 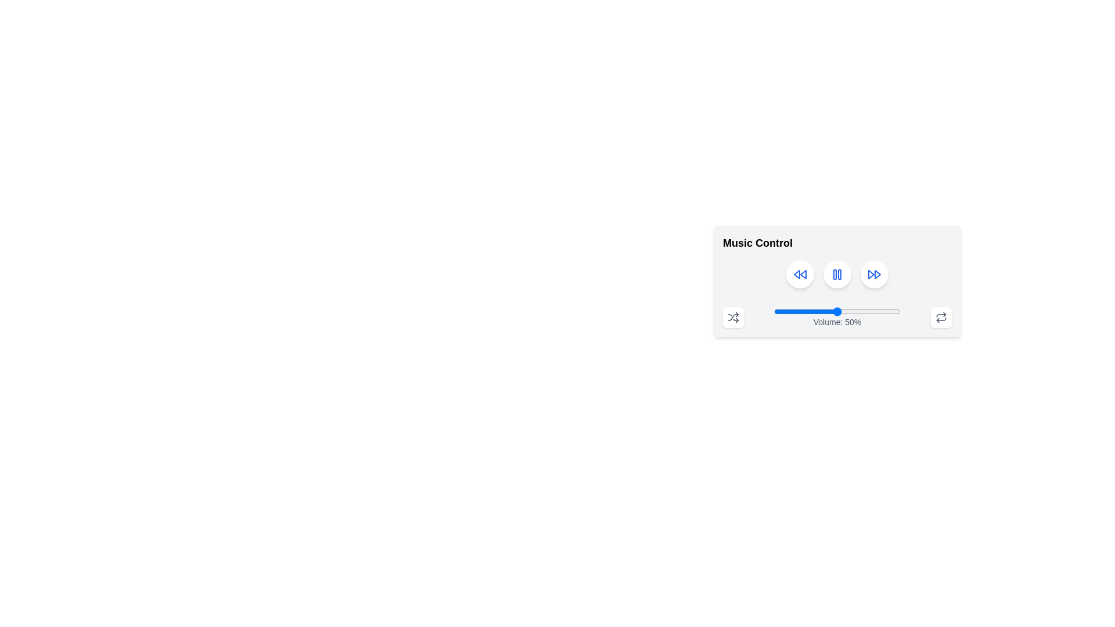 I want to click on the repeat button located at the bottom right corner of the music control panel, so click(x=941, y=318).